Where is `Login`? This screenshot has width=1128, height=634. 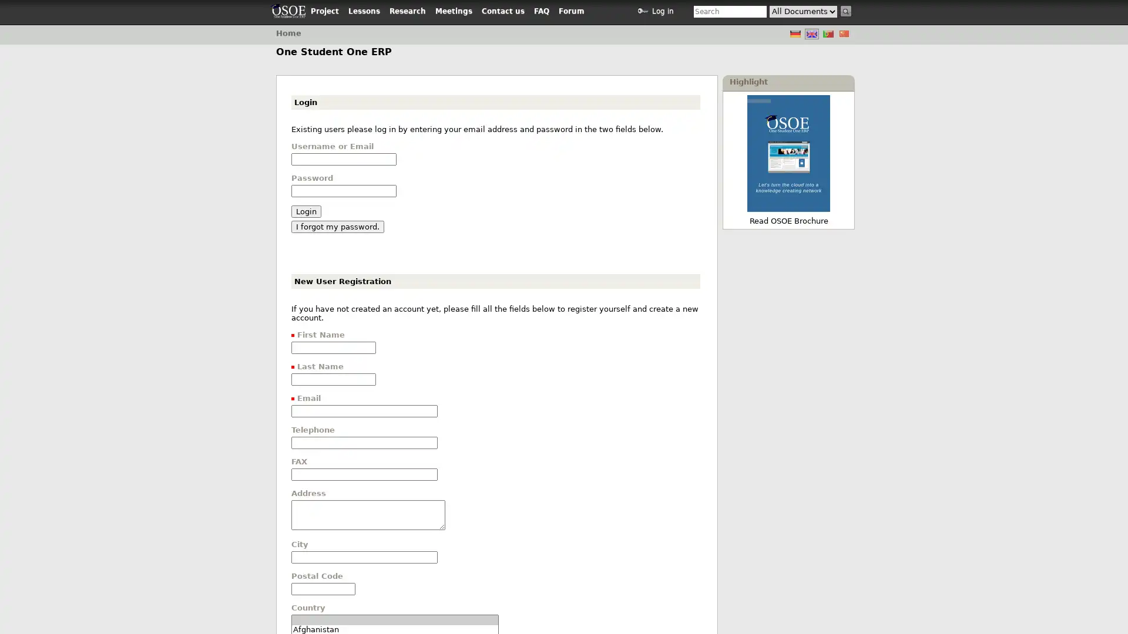 Login is located at coordinates (306, 211).